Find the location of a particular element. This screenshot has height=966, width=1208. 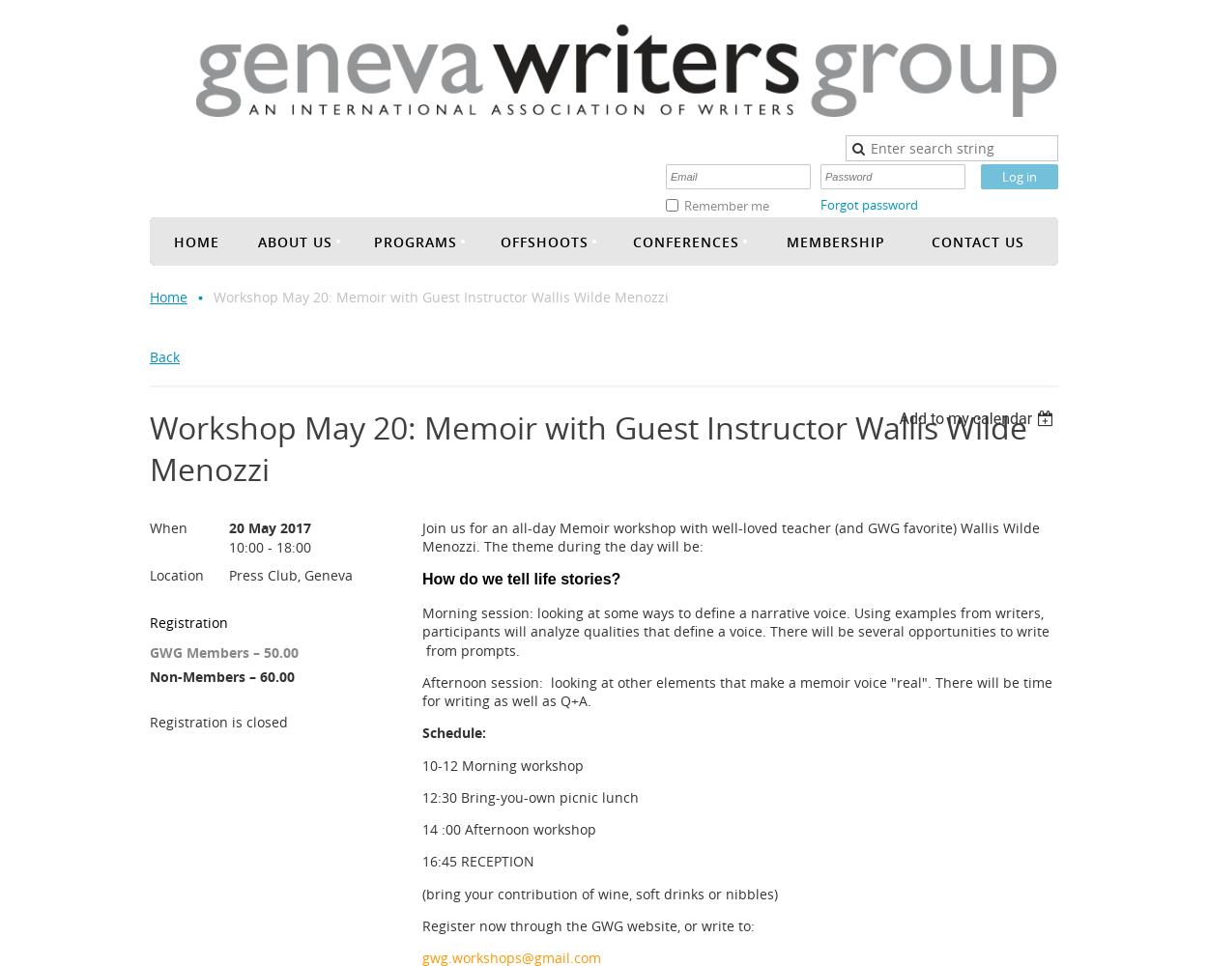

'Non-Members – 60.00' is located at coordinates (221, 674).